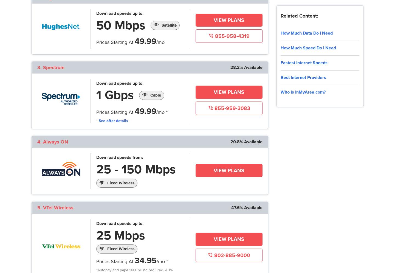 The image size is (395, 273). I want to click on '20.8% Available', so click(246, 141).